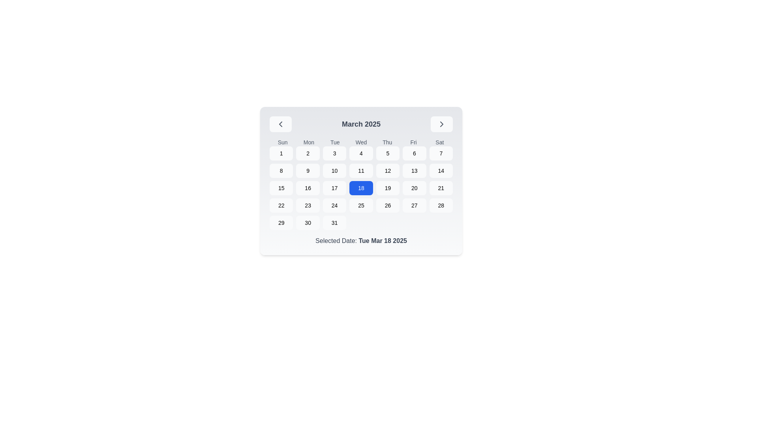 The height and width of the screenshot is (426, 758). Describe the element at coordinates (414, 153) in the screenshot. I see `the date selection button located at the top-right of the calendar under 'Fri'` at that location.